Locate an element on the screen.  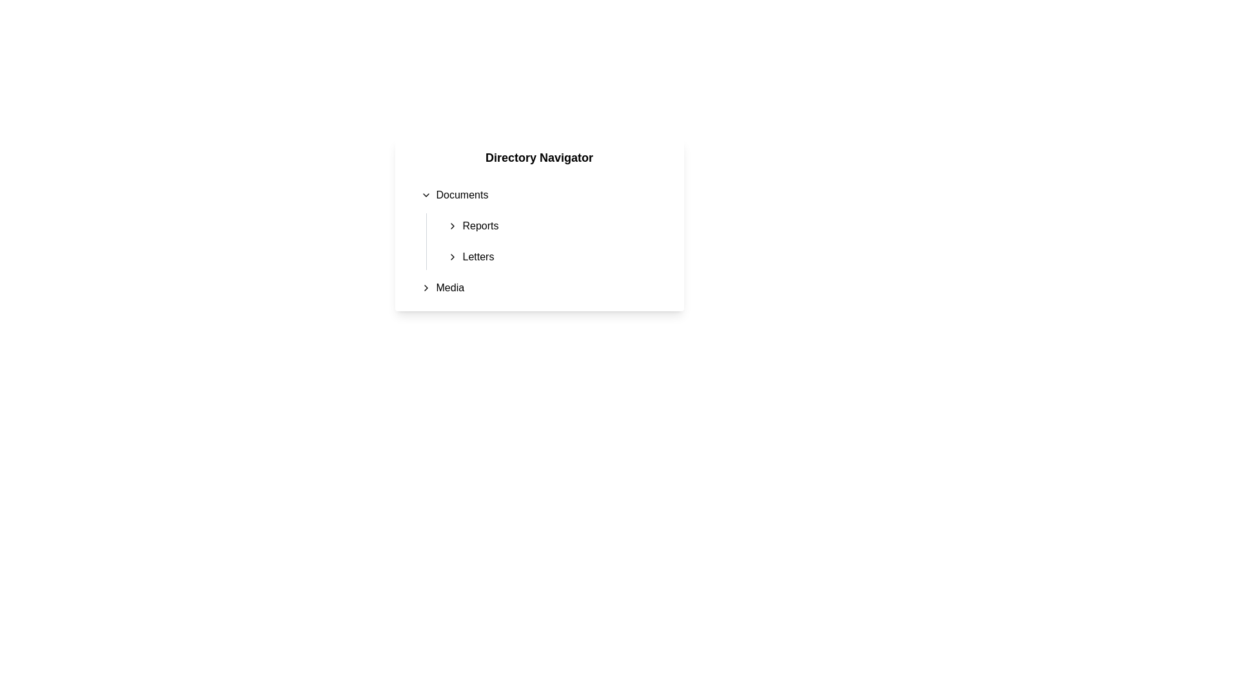
the right-pointing chevron icon next to the text 'Media' is located at coordinates (426, 287).